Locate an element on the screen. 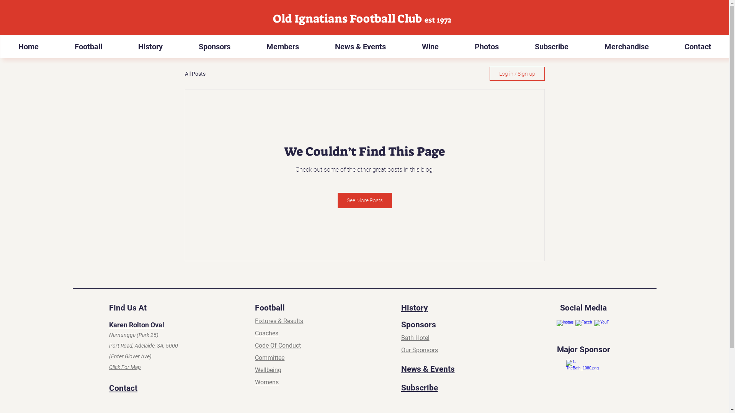  'News & Events' is located at coordinates (359, 47).